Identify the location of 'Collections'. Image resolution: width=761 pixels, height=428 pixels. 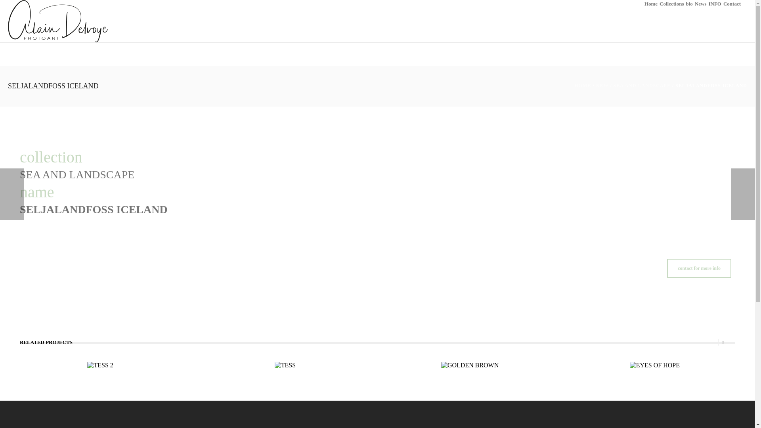
(660, 4).